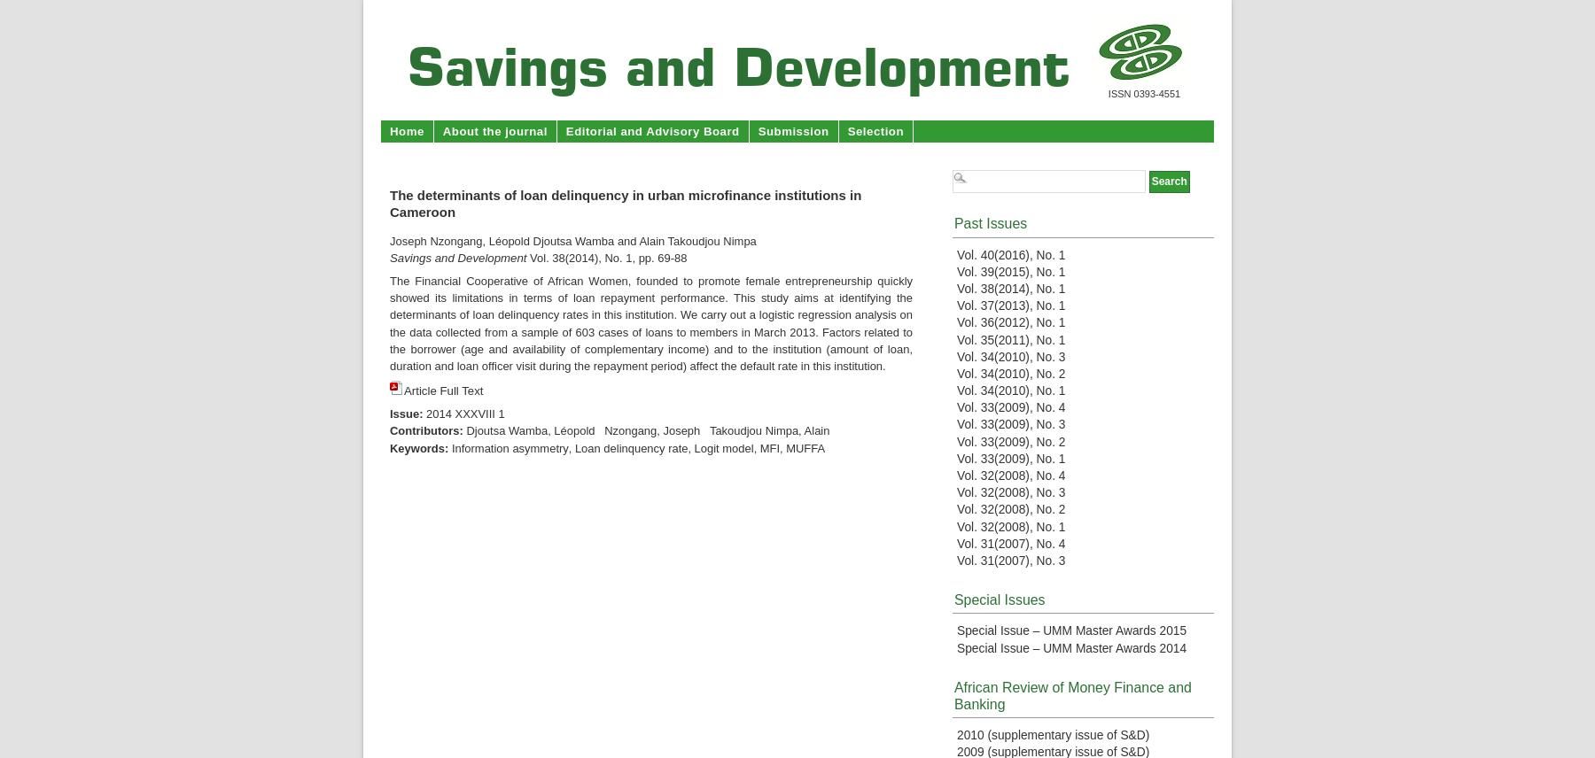 The width and height of the screenshot is (1595, 758). Describe the element at coordinates (624, 204) in the screenshot. I see `'The determinants of loan delinquency in urban microfinance institutions in Cameroon'` at that location.